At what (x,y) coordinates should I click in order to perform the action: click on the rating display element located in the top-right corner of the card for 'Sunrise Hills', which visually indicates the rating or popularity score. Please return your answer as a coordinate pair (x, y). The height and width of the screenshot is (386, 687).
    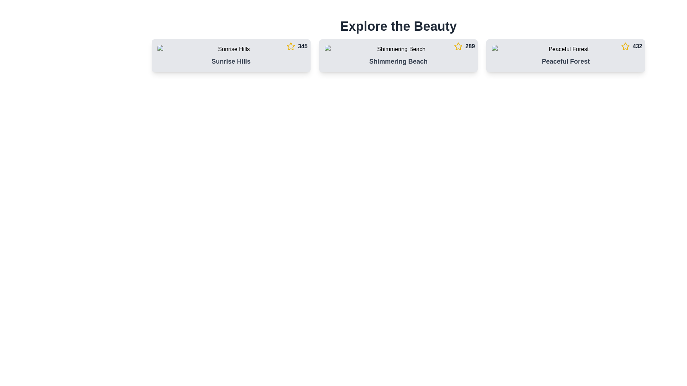
    Looking at the image, I should click on (297, 46).